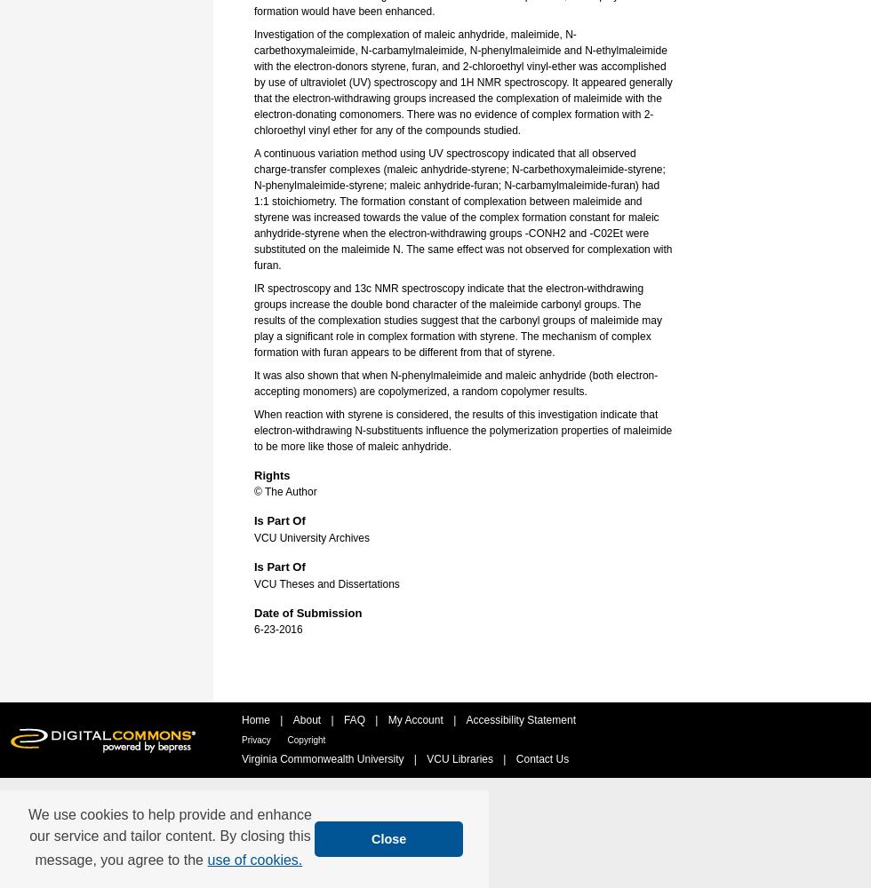 The image size is (871, 888). Describe the element at coordinates (257, 720) in the screenshot. I see `'Home'` at that location.